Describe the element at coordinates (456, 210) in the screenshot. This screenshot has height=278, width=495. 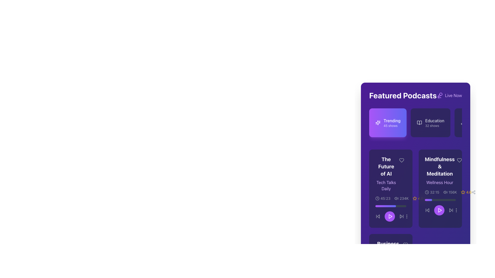
I see `the vertical ellipsis icon located at the bottom-right corner of the 'Mindfulness & Meditation' podcast card` at that location.